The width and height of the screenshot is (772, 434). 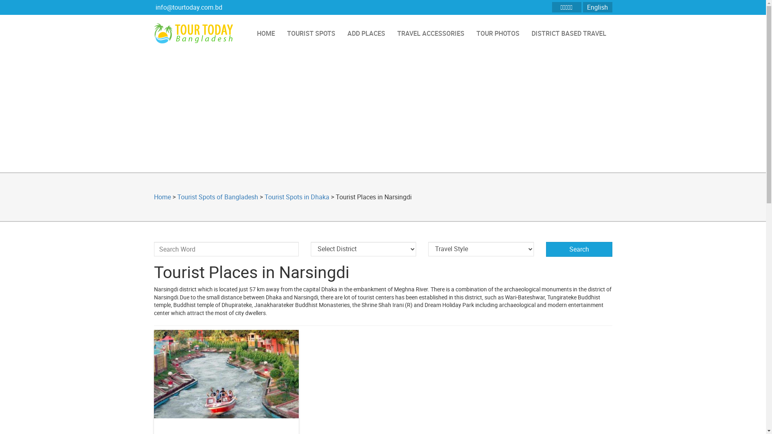 What do you see at coordinates (217, 197) in the screenshot?
I see `'Tourist Spots of Bangladesh'` at bounding box center [217, 197].